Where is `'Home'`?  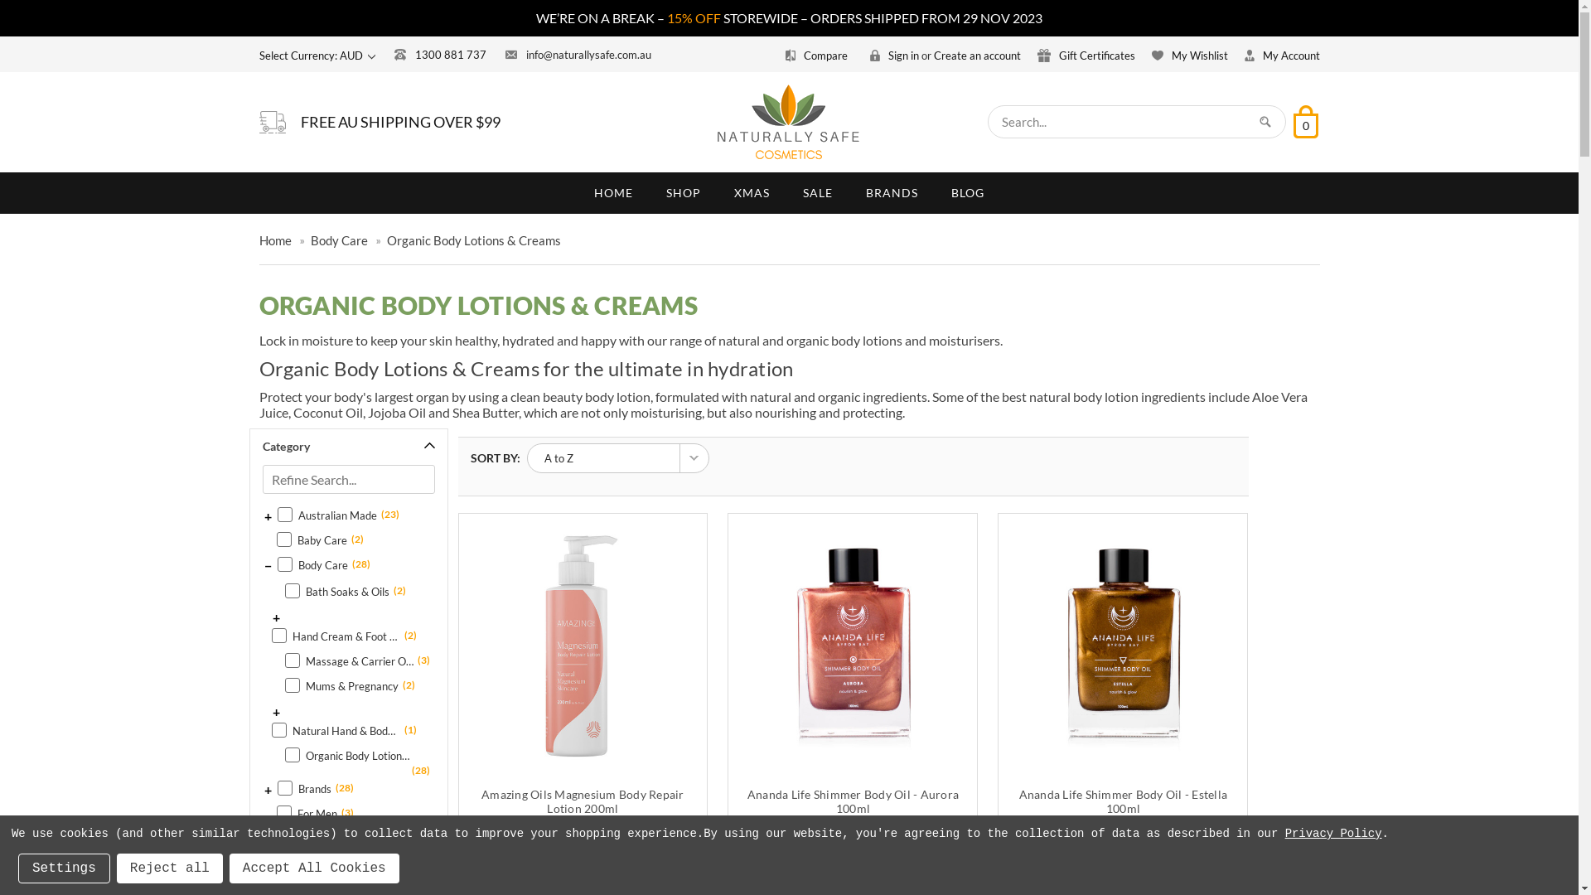 'Home' is located at coordinates (274, 239).